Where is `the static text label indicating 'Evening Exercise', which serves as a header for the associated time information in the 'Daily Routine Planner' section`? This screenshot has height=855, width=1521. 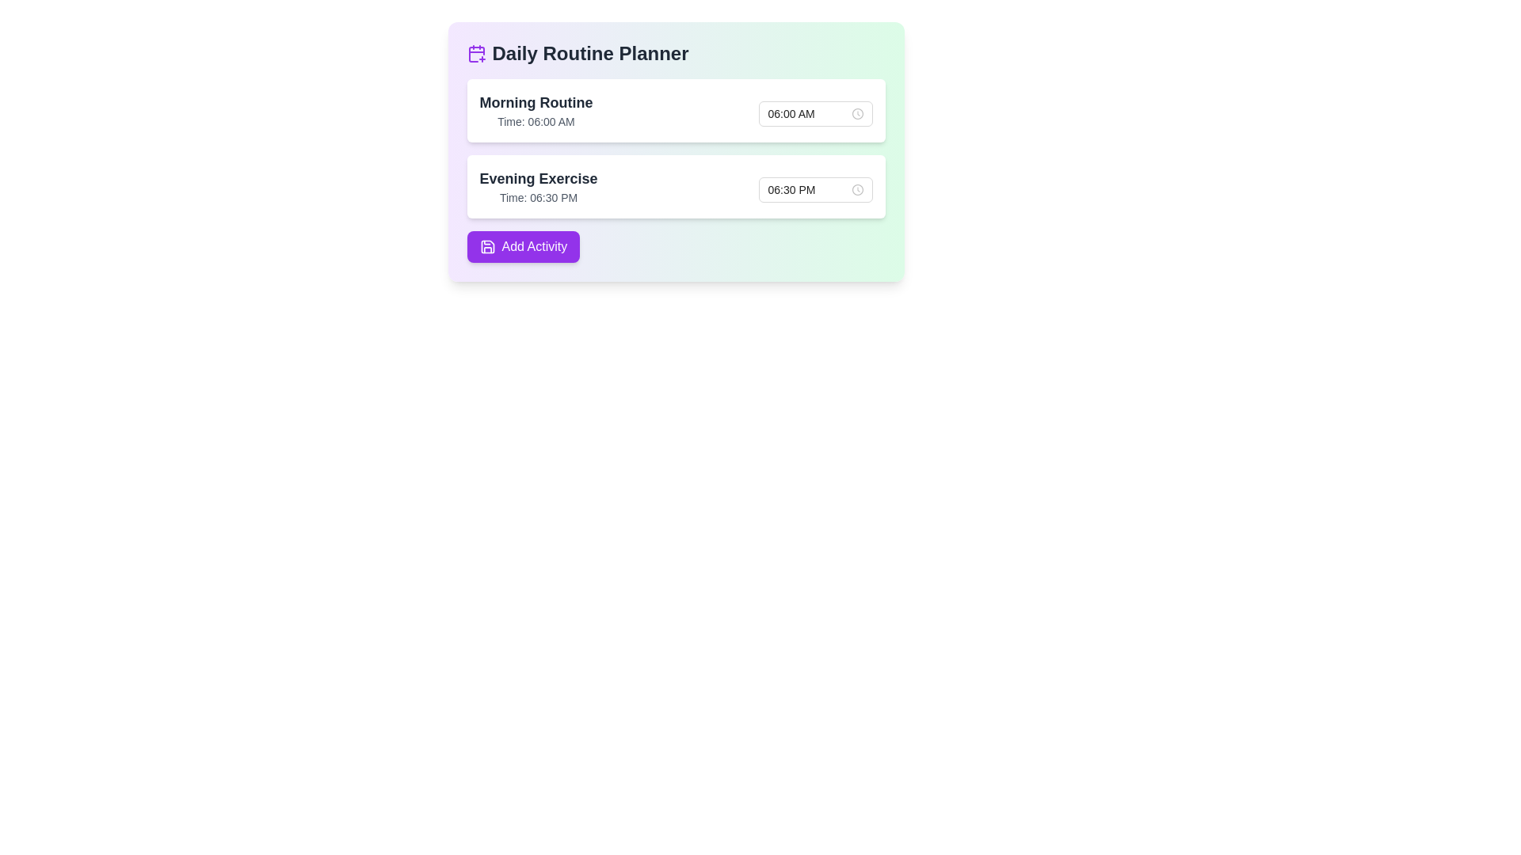 the static text label indicating 'Evening Exercise', which serves as a header for the associated time information in the 'Daily Routine Planner' section is located at coordinates (539, 178).